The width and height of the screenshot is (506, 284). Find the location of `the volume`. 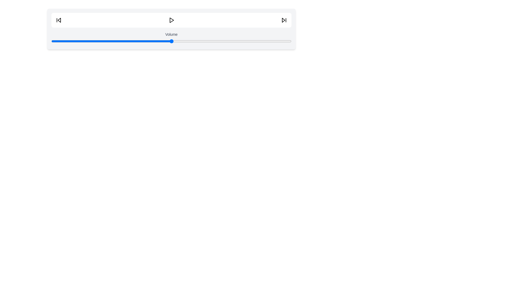

the volume is located at coordinates (133, 41).